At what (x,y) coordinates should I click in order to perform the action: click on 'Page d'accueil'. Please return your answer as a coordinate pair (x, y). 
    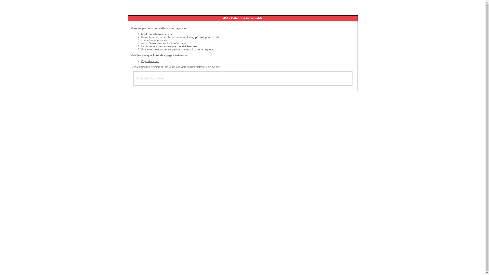
    Looking at the image, I should click on (150, 61).